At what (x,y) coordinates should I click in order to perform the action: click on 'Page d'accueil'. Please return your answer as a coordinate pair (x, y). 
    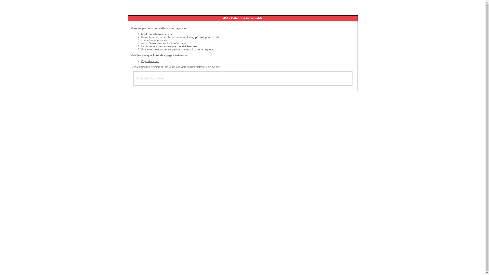
    Looking at the image, I should click on (150, 61).